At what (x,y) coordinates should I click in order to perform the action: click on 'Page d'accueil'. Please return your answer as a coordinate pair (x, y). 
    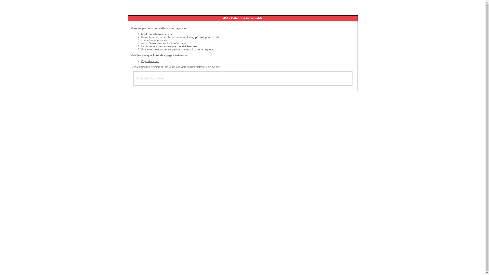
    Looking at the image, I should click on (150, 61).